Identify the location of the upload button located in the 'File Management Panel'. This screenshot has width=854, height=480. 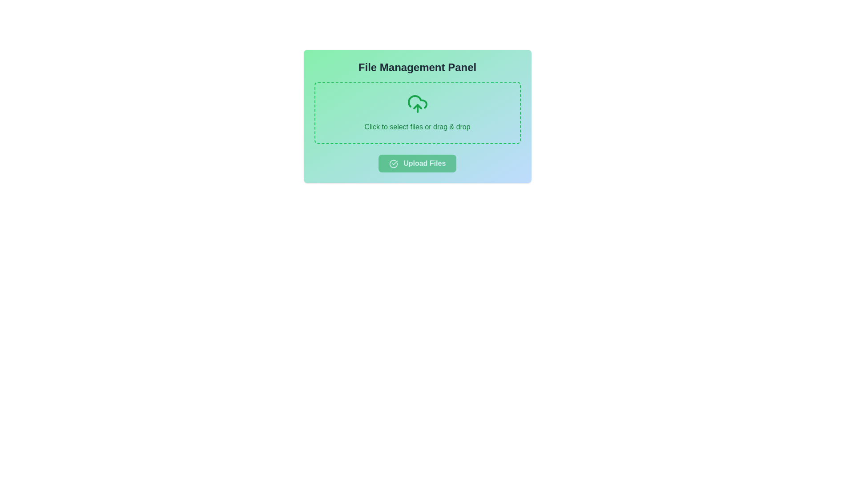
(417, 163).